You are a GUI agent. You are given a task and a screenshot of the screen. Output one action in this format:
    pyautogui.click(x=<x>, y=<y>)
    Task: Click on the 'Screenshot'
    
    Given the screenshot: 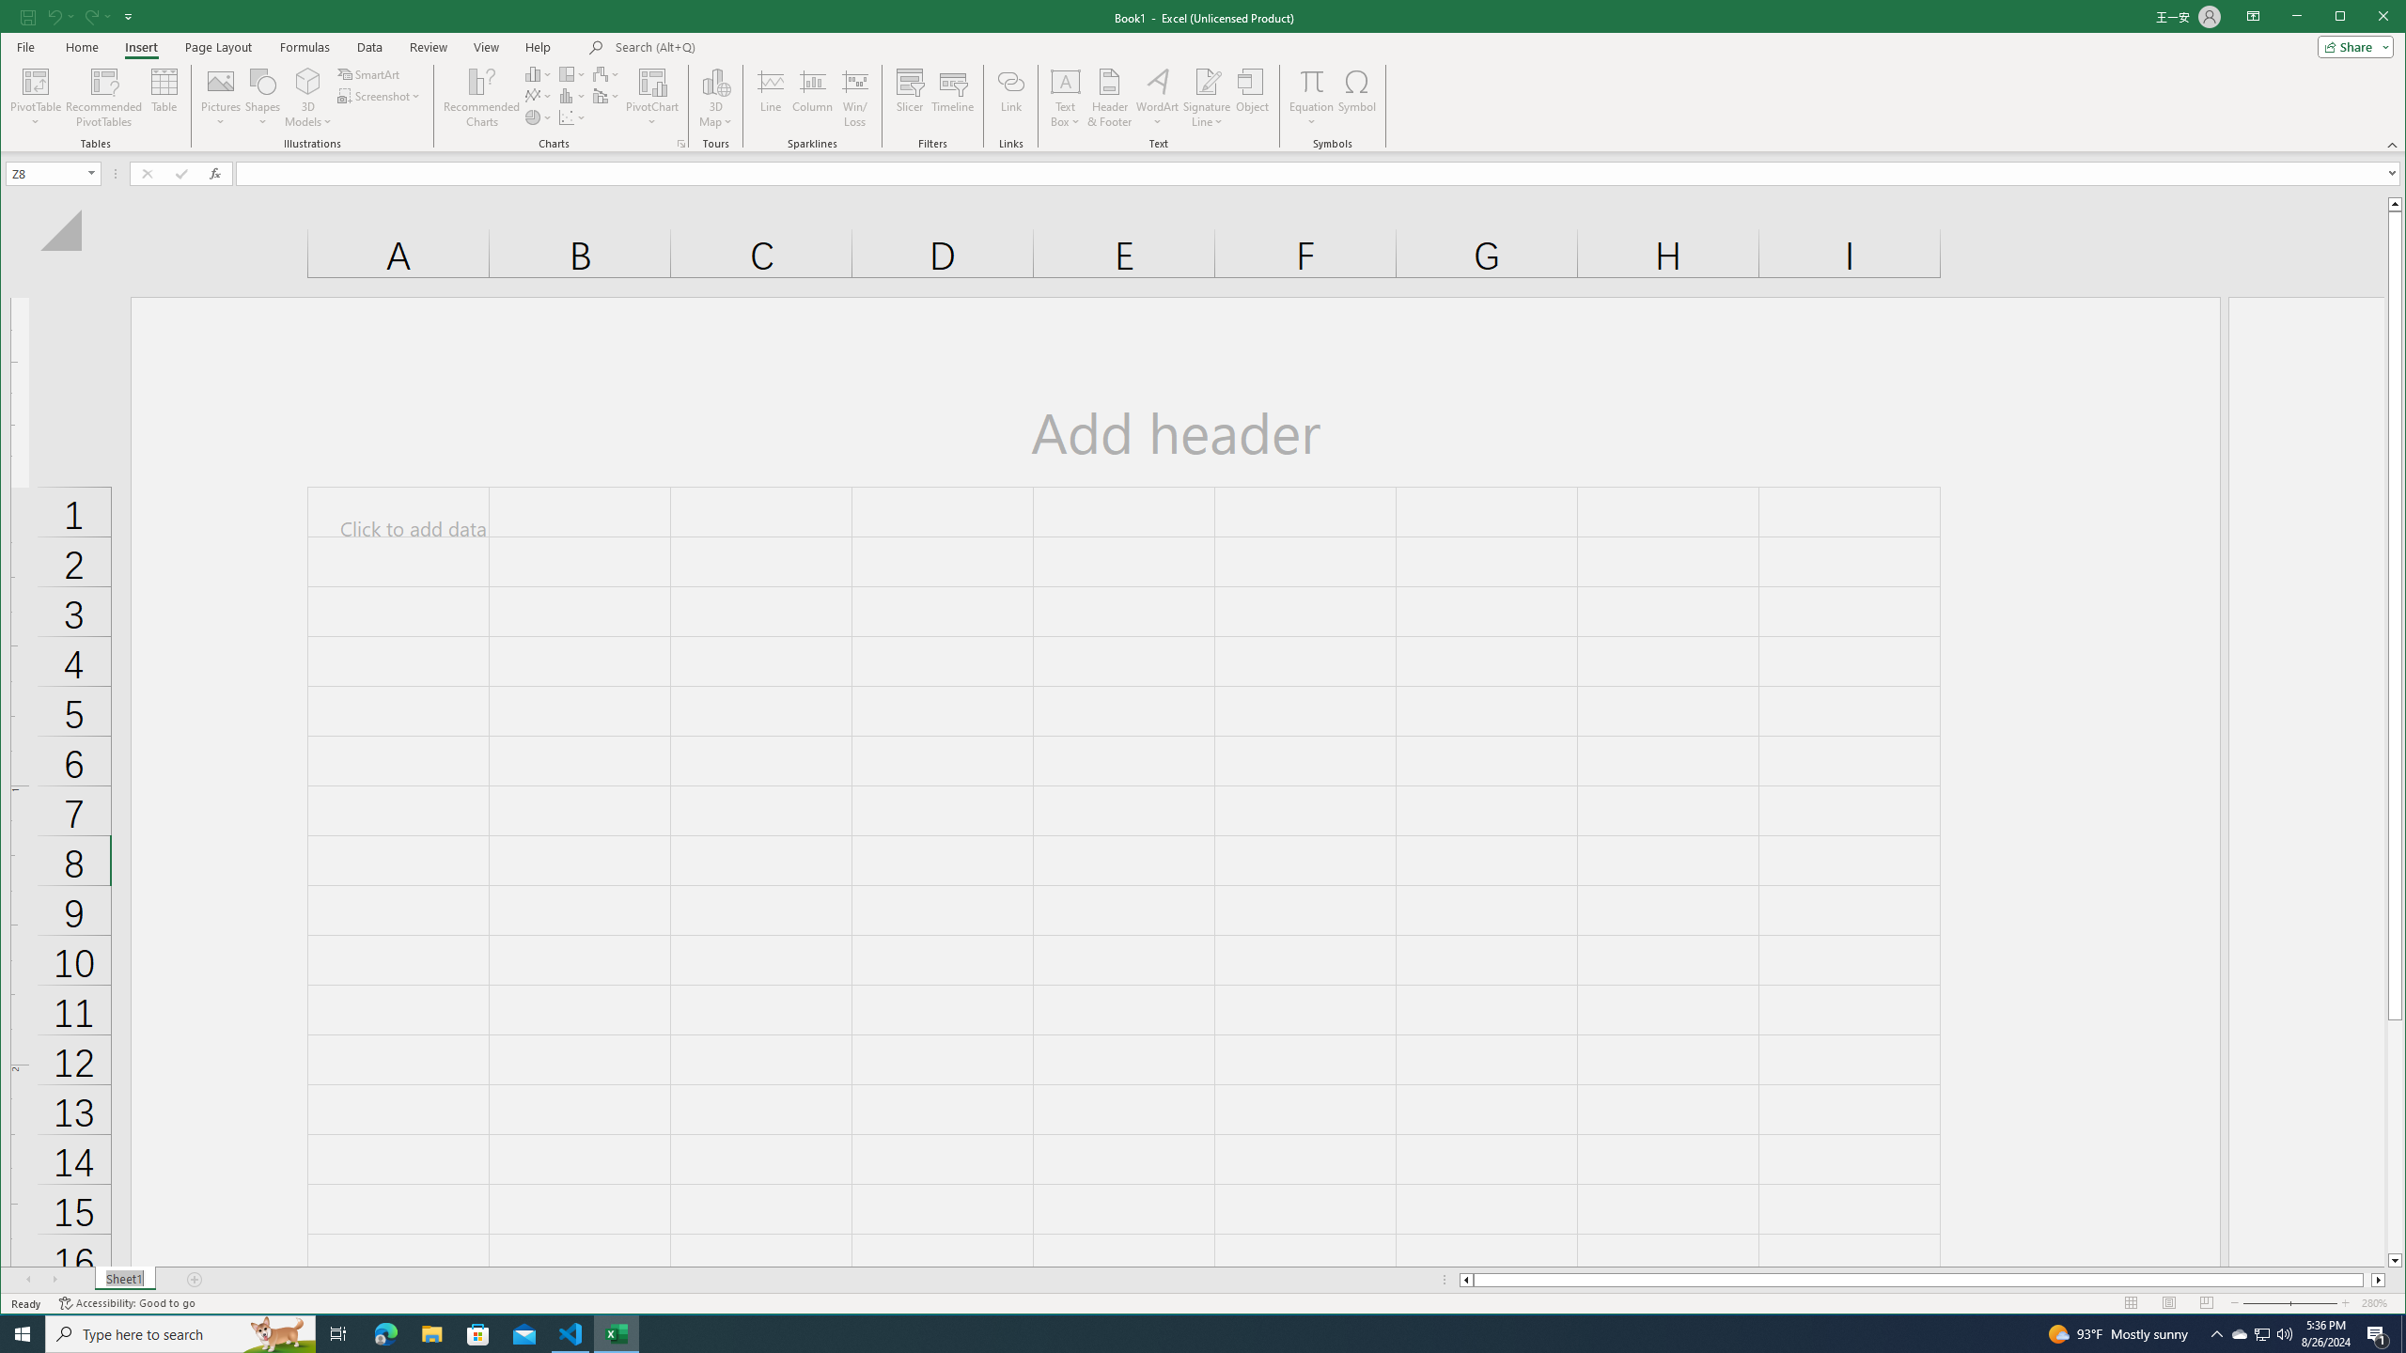 What is the action you would take?
    pyautogui.click(x=379, y=96)
    